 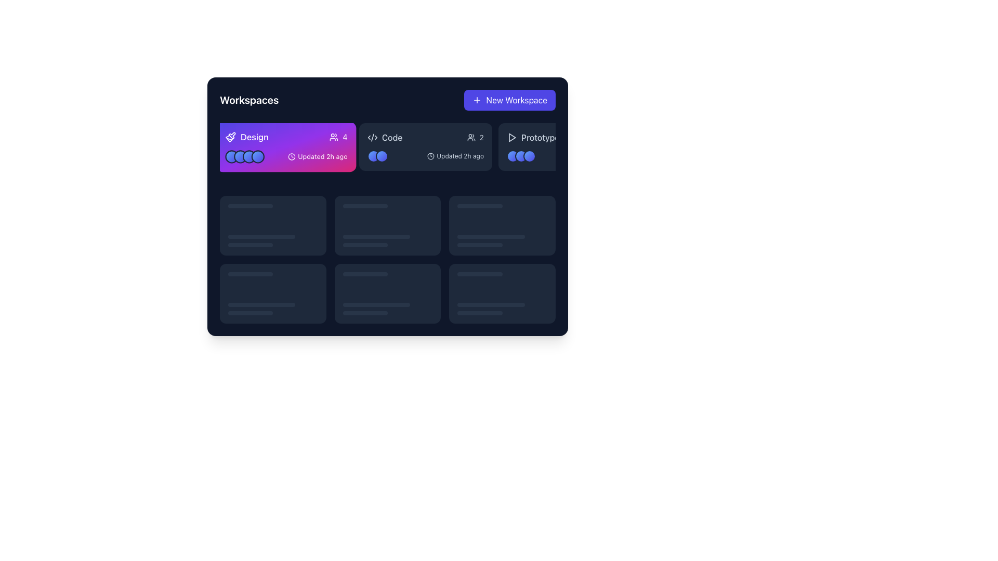 I want to click on the Play Button icon located to the left of the 'Prototype' text in the upper-right workspace section, so click(x=511, y=137).